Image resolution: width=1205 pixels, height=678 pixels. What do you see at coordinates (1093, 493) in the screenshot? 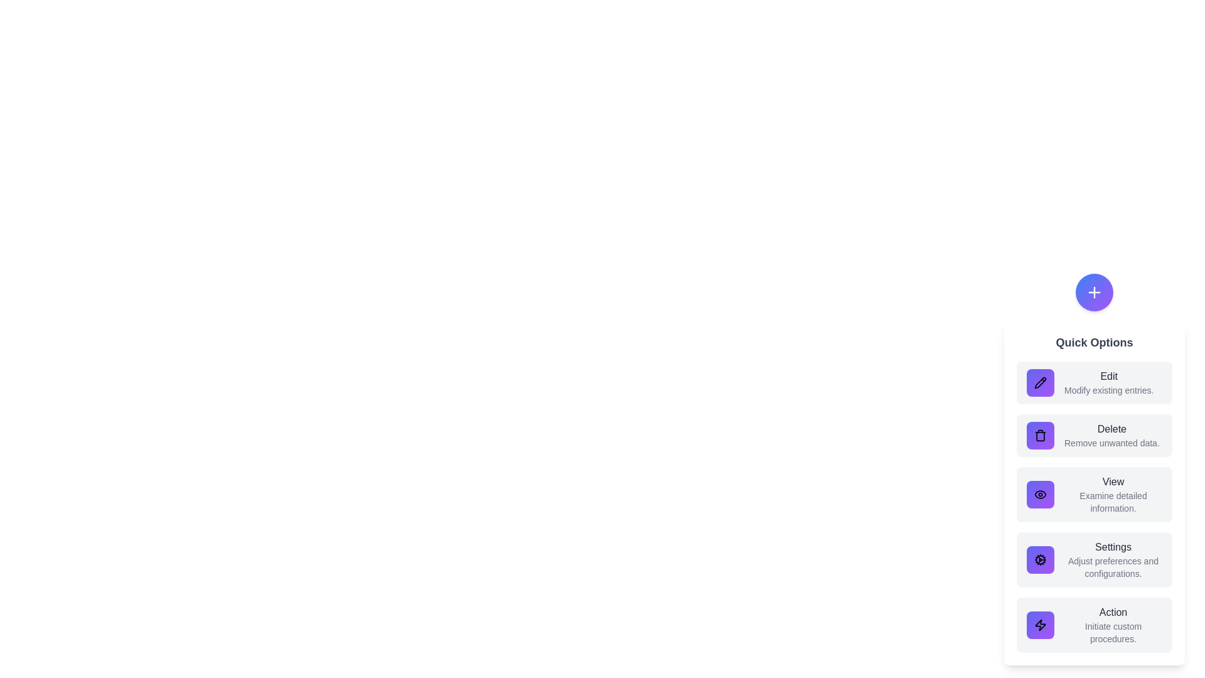
I see `the View option from the list` at bounding box center [1093, 493].